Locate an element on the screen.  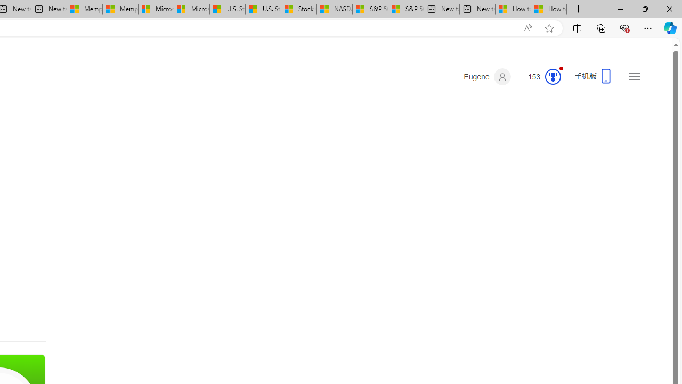
'Settings and quick links' is located at coordinates (635, 75).